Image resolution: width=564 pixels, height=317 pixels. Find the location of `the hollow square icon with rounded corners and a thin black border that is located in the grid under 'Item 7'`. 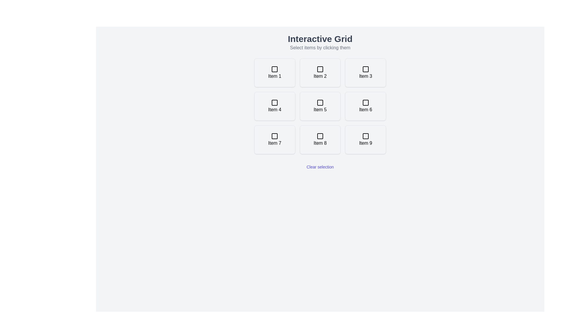

the hollow square icon with rounded corners and a thin black border that is located in the grid under 'Item 7' is located at coordinates (274, 136).